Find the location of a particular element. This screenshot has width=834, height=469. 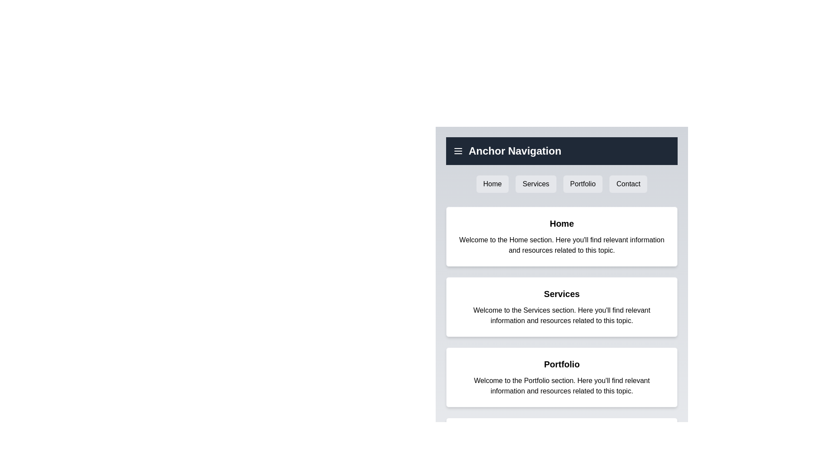

the Services informational card, which is the second section in the layout, positioned between the Home and Portfolio sections is located at coordinates (562, 306).